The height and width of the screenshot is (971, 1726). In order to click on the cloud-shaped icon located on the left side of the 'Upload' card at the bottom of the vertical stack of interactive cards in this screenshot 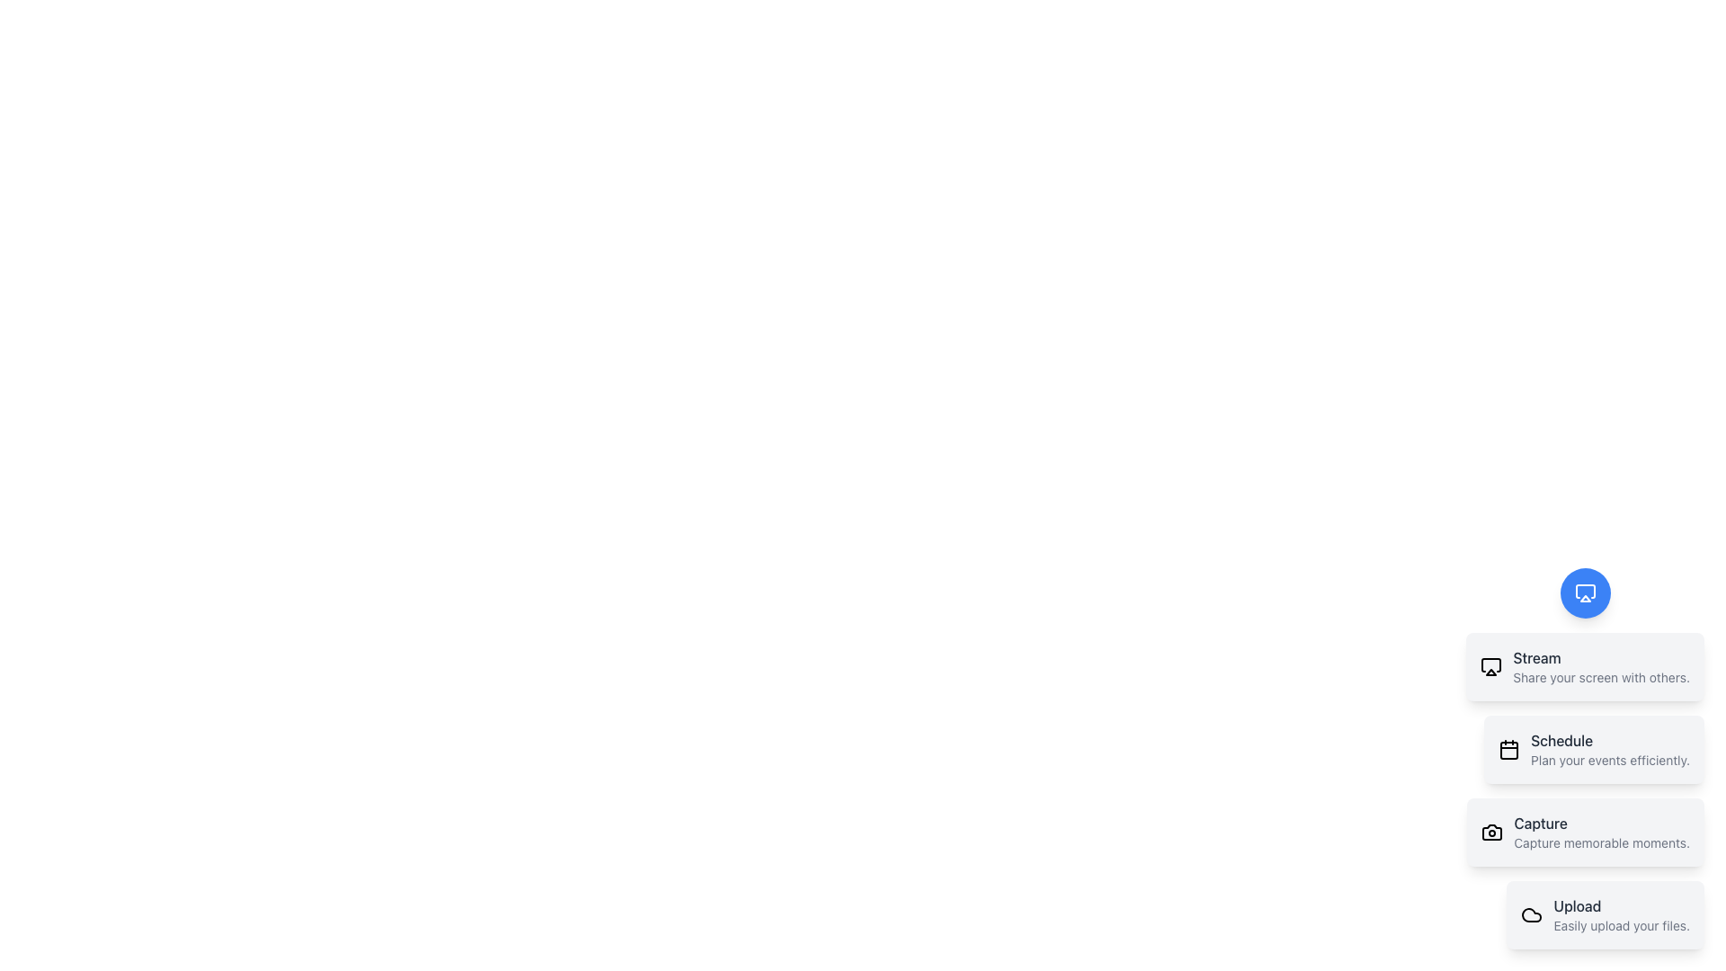, I will do `click(1531, 915)`.